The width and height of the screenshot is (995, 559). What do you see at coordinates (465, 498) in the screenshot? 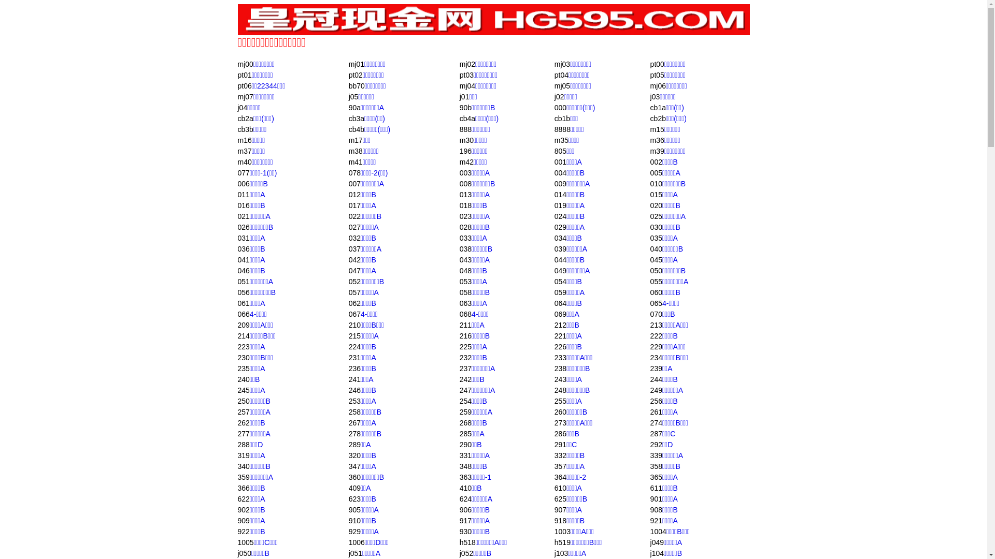
I see `'624'` at bounding box center [465, 498].